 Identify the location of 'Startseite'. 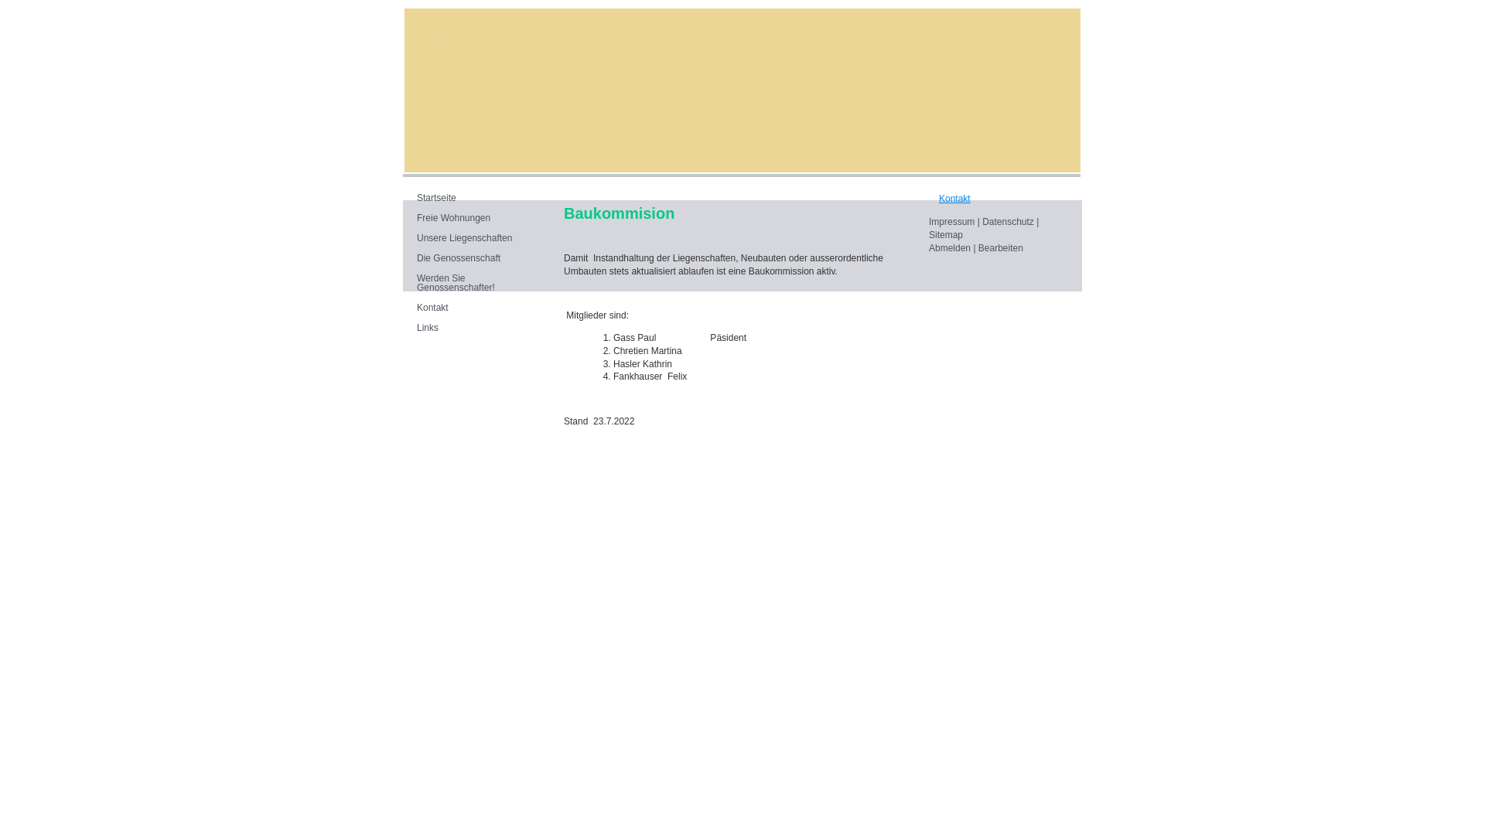
(476, 198).